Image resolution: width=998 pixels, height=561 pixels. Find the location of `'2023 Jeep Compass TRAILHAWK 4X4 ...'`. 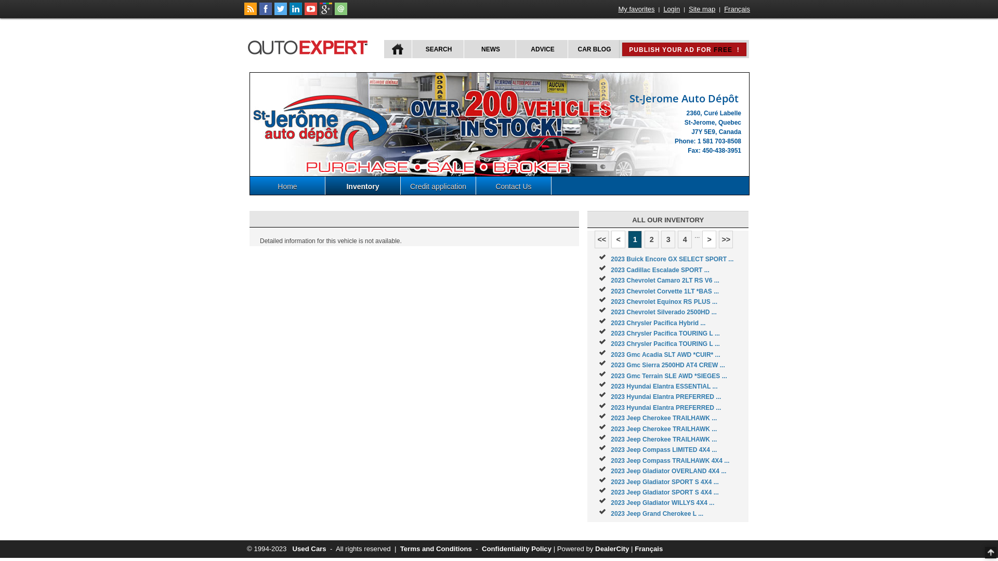

'2023 Jeep Compass TRAILHAWK 4X4 ...' is located at coordinates (670, 460).